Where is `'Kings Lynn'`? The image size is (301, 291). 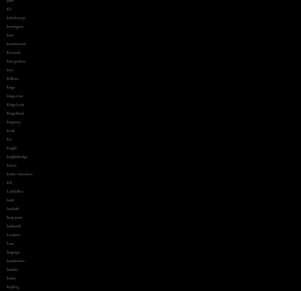 'Kings Lynn' is located at coordinates (15, 104).